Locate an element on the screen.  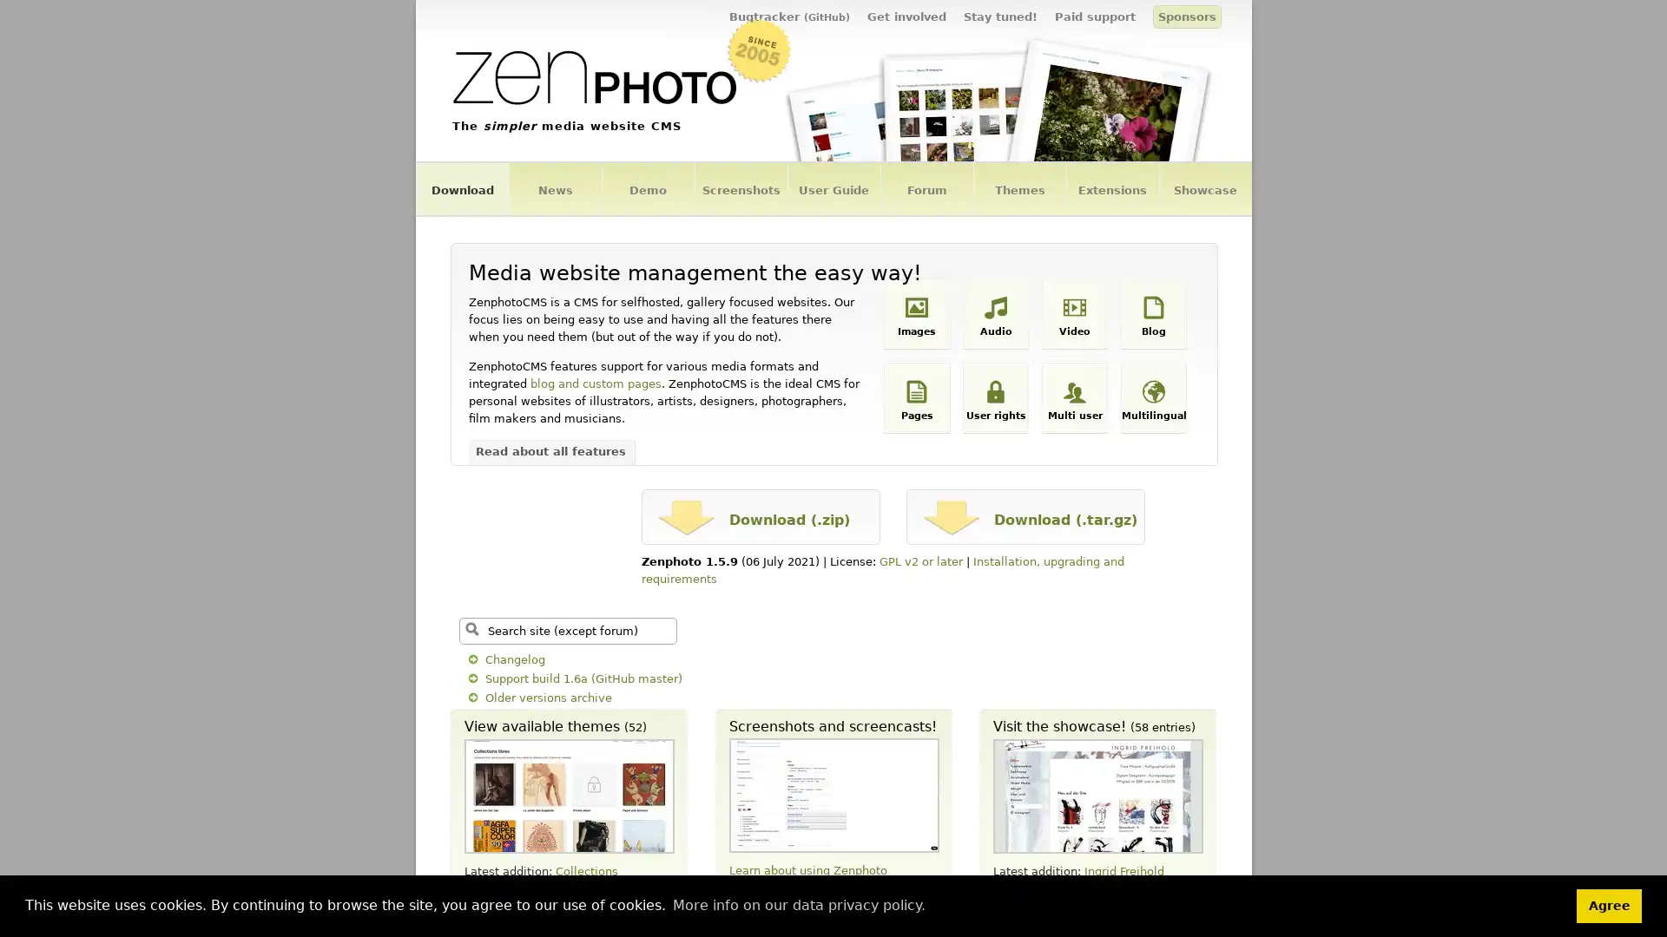
dismiss cookie message is located at coordinates (1608, 905).